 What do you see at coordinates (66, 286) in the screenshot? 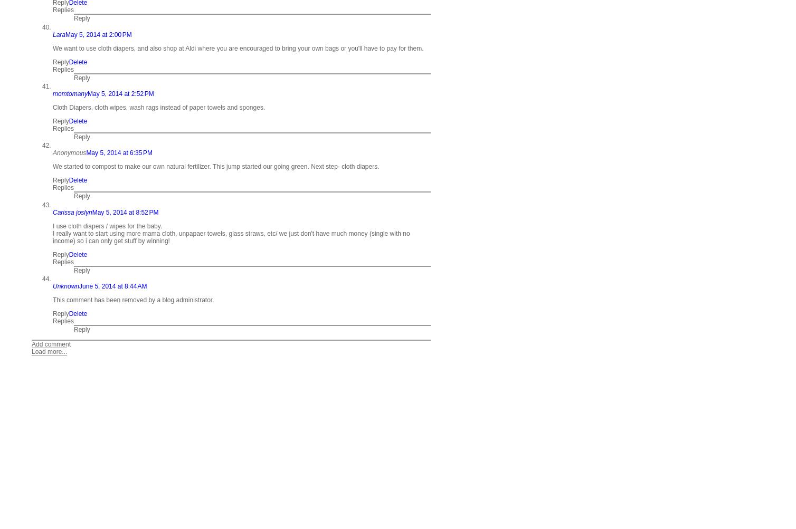
I see `'Unknown'` at bounding box center [66, 286].